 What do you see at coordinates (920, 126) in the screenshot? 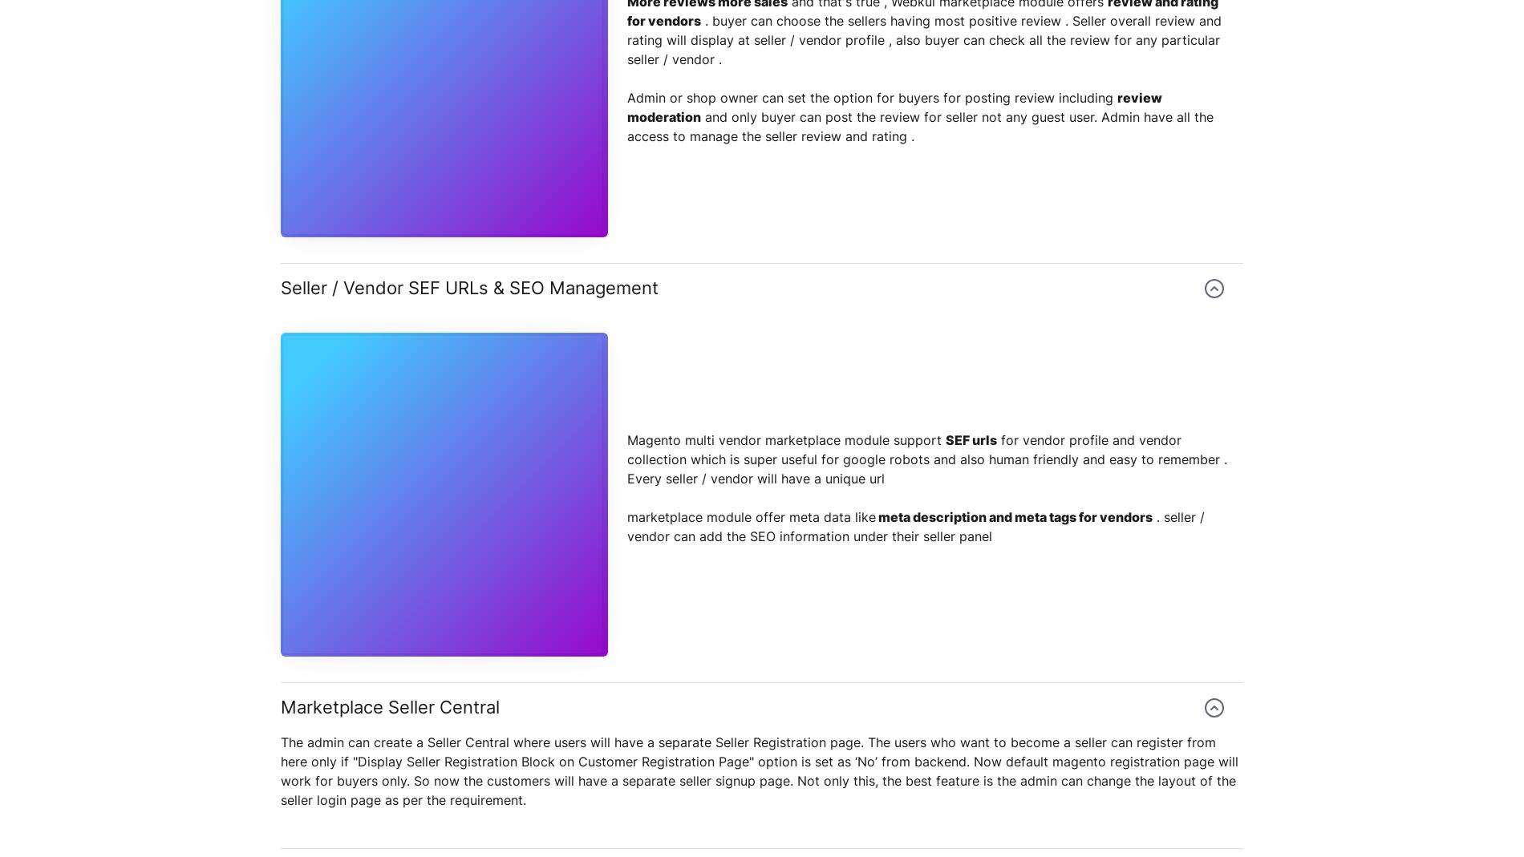
I see `'and only buyer can post the review for seller not any guest user. Admin have all the access to manage the seller review and rating .'` at bounding box center [920, 126].